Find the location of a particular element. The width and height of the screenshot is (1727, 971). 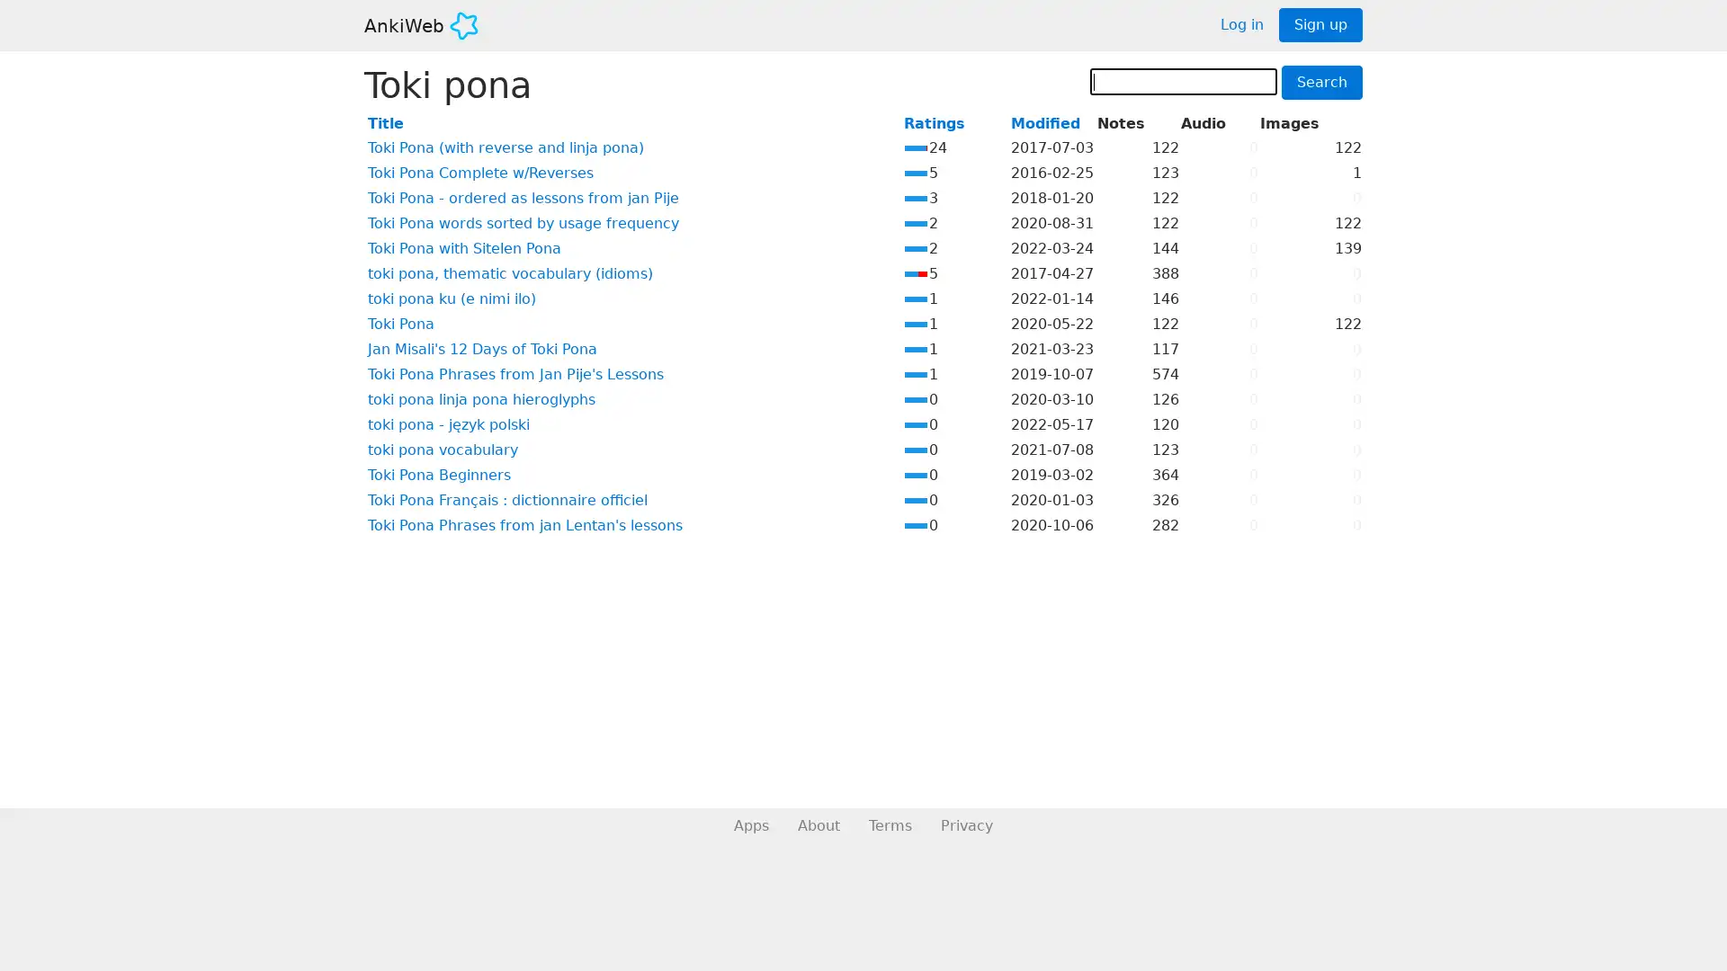

Search is located at coordinates (1321, 82).